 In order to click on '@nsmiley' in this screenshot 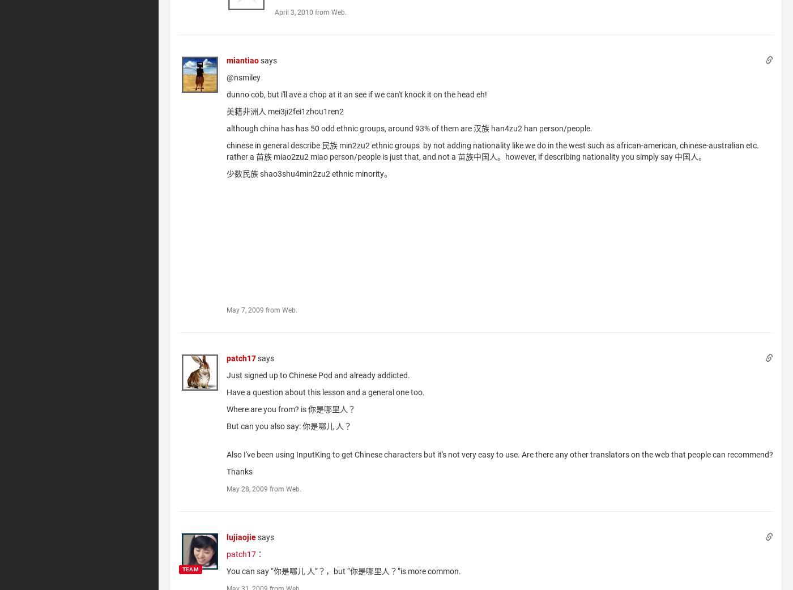, I will do `click(243, 76)`.